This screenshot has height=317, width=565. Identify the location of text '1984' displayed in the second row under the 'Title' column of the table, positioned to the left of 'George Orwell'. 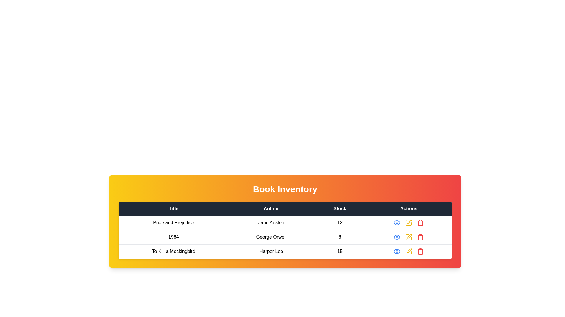
(173, 237).